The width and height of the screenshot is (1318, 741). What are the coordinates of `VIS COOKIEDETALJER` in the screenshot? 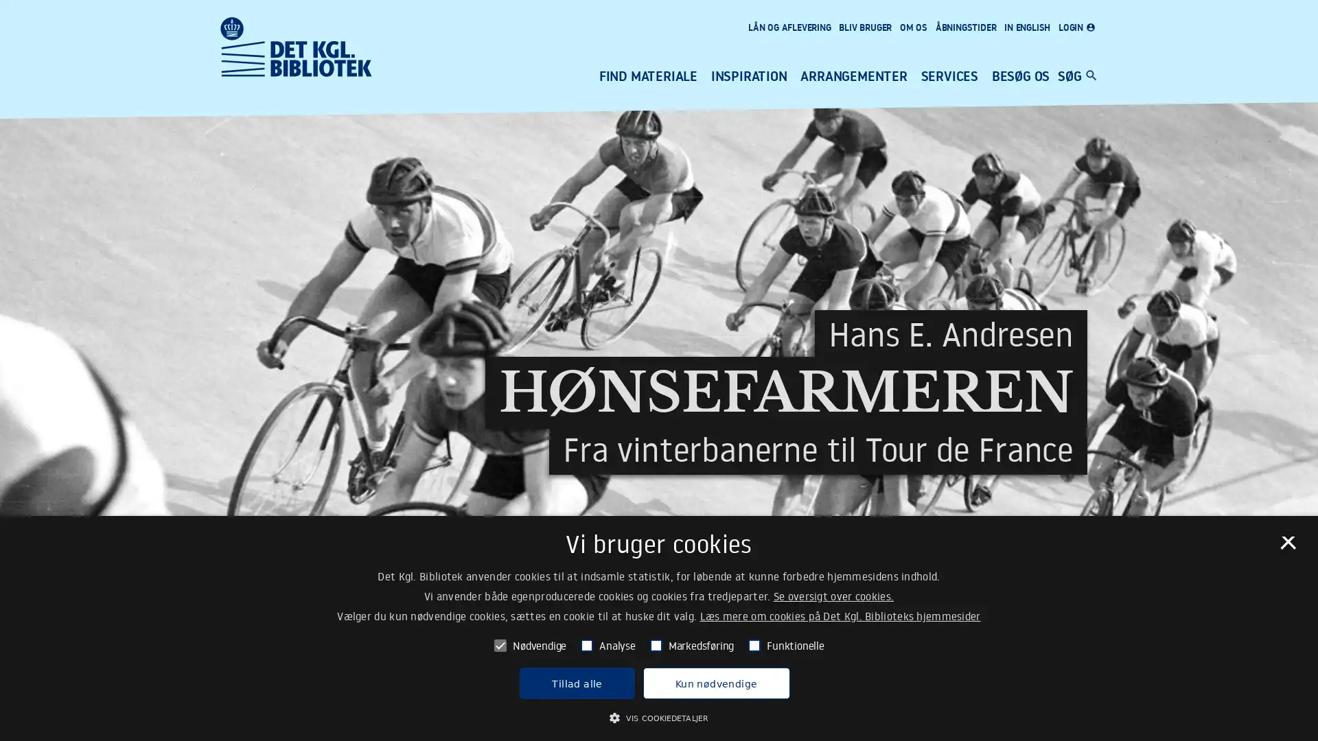 It's located at (658, 716).